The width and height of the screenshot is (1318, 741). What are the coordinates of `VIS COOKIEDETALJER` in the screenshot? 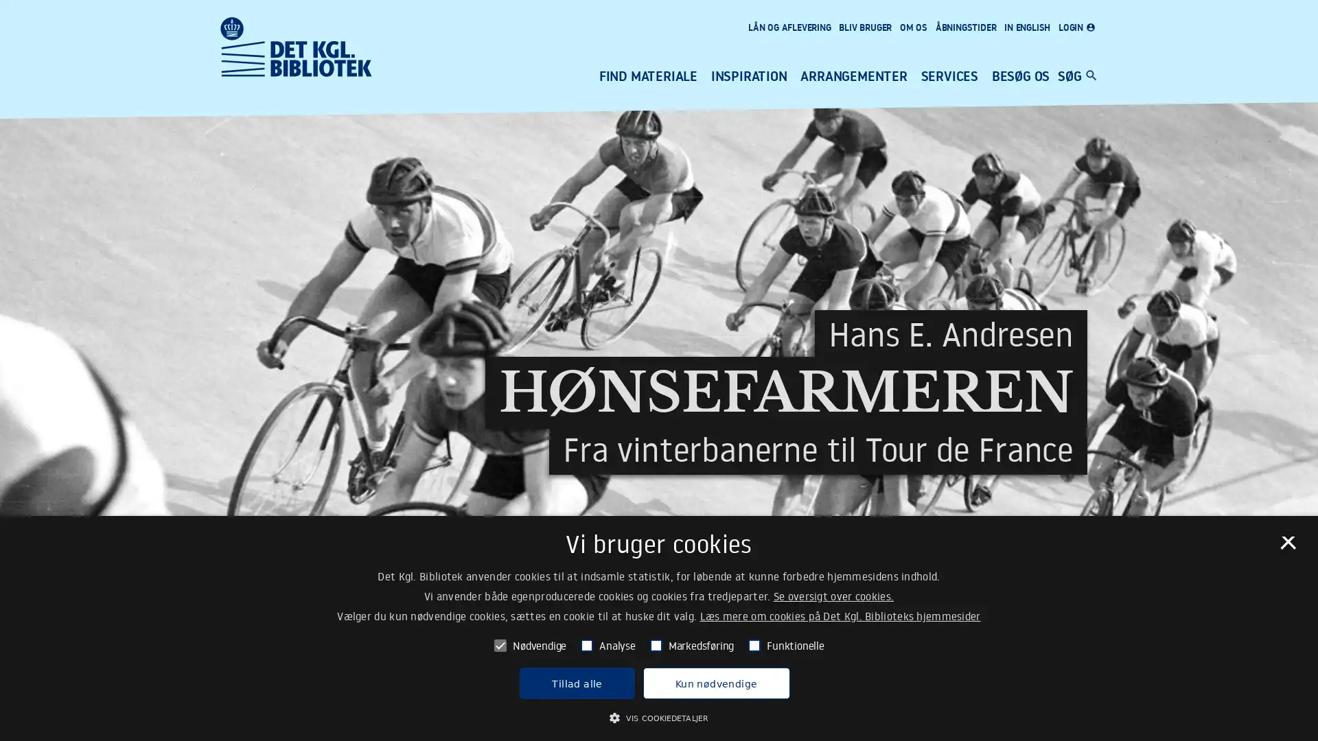 It's located at (658, 716).